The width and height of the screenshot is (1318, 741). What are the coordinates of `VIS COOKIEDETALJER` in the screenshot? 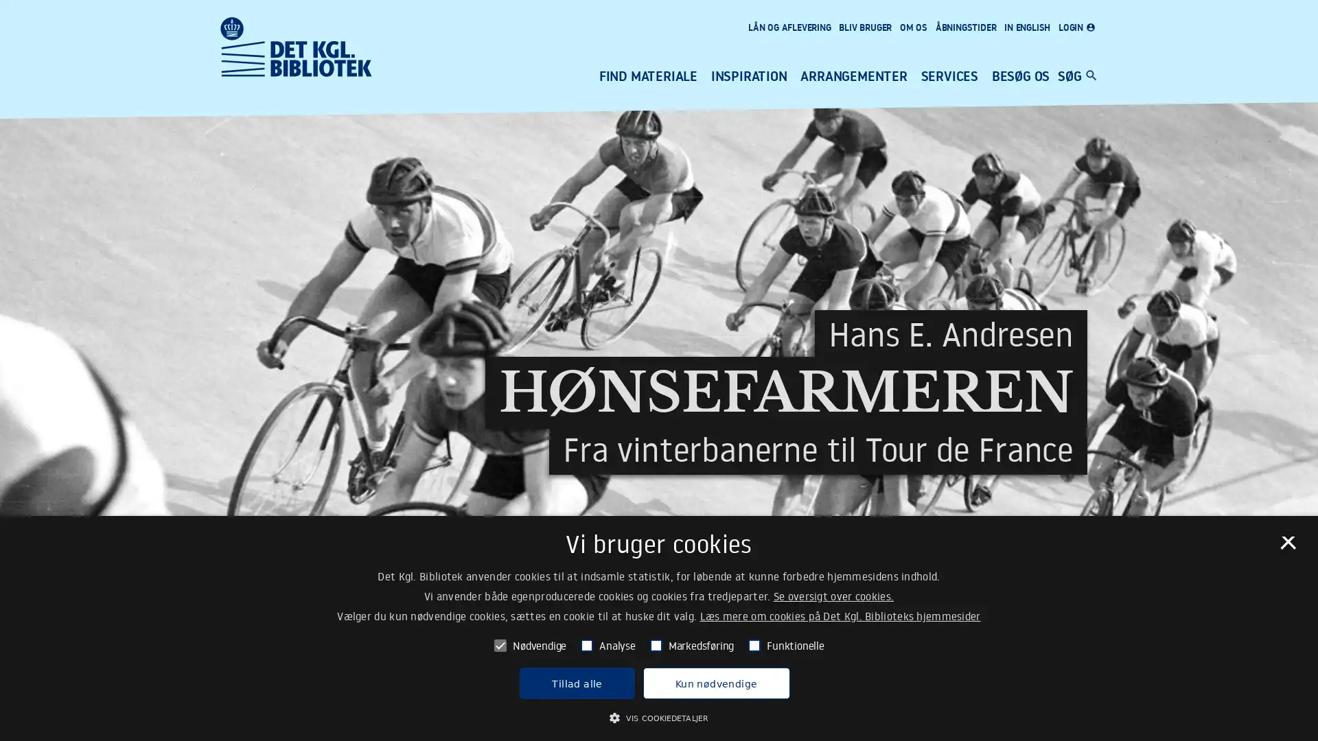 It's located at (658, 716).